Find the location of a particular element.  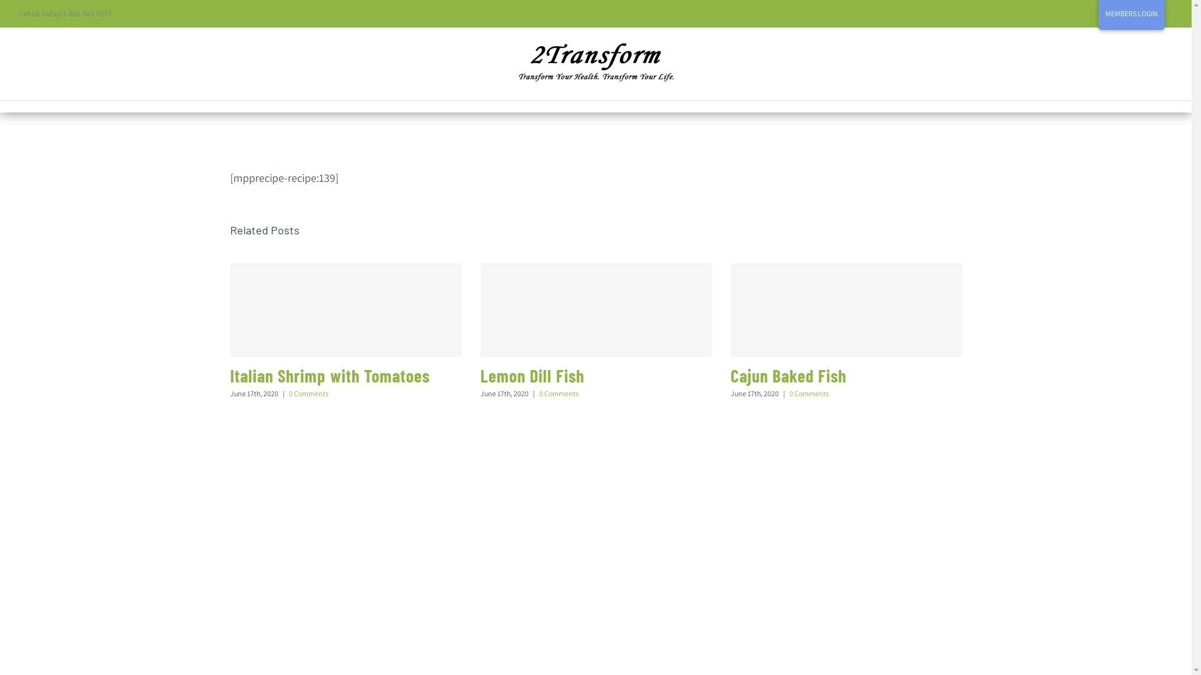

'MEMBERS LOGIN' is located at coordinates (1132, 14).